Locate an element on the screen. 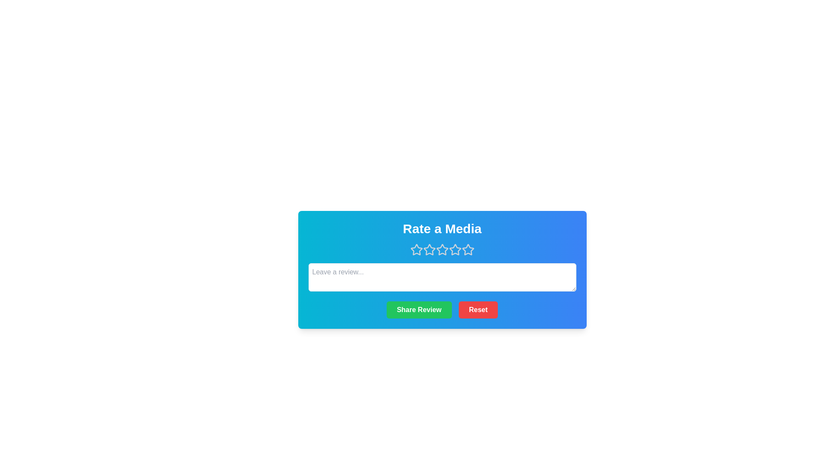 Image resolution: width=824 pixels, height=463 pixels. the rating to 3 stars by clicking on the respective star is located at coordinates (442, 250).